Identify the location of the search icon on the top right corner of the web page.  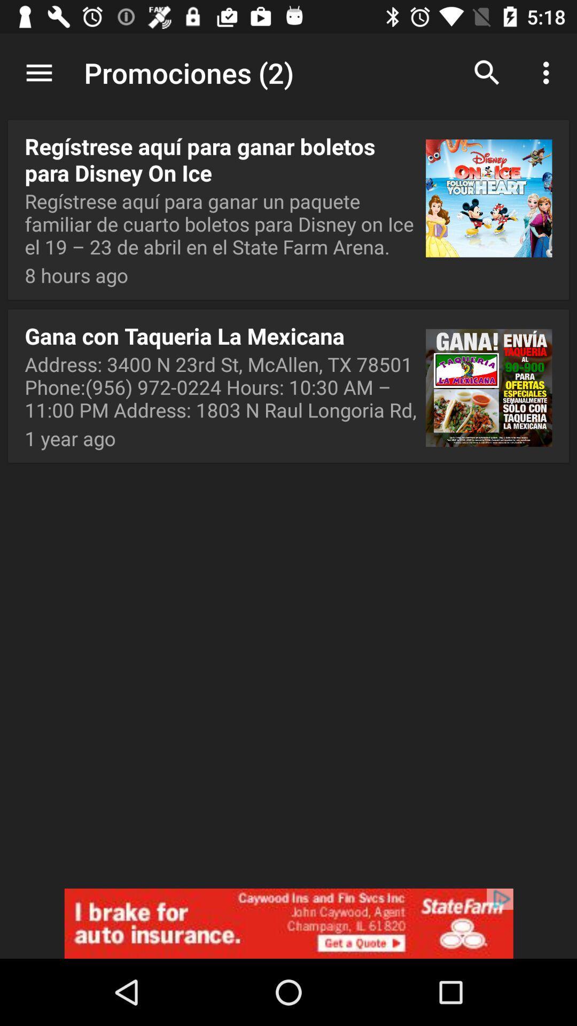
(487, 73).